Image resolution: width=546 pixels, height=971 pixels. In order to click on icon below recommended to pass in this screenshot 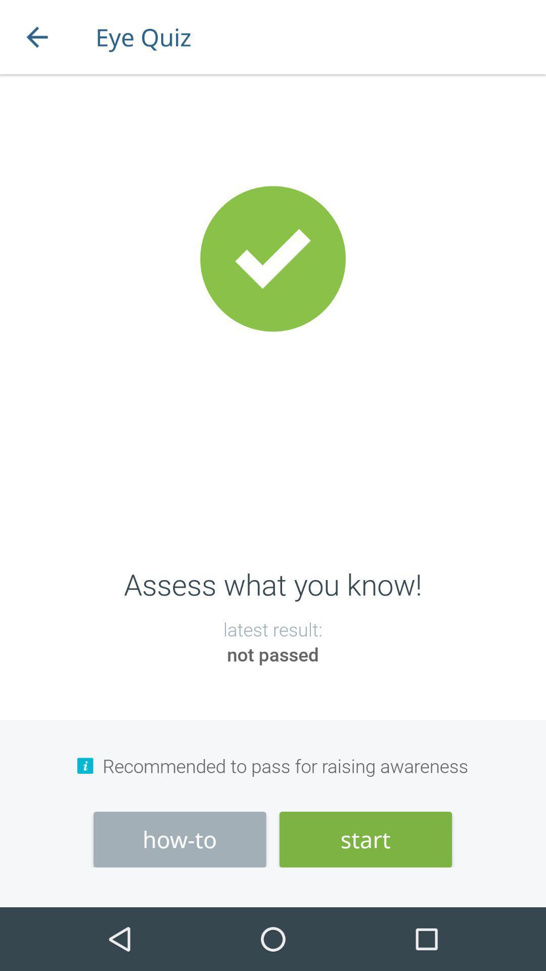, I will do `click(366, 840)`.